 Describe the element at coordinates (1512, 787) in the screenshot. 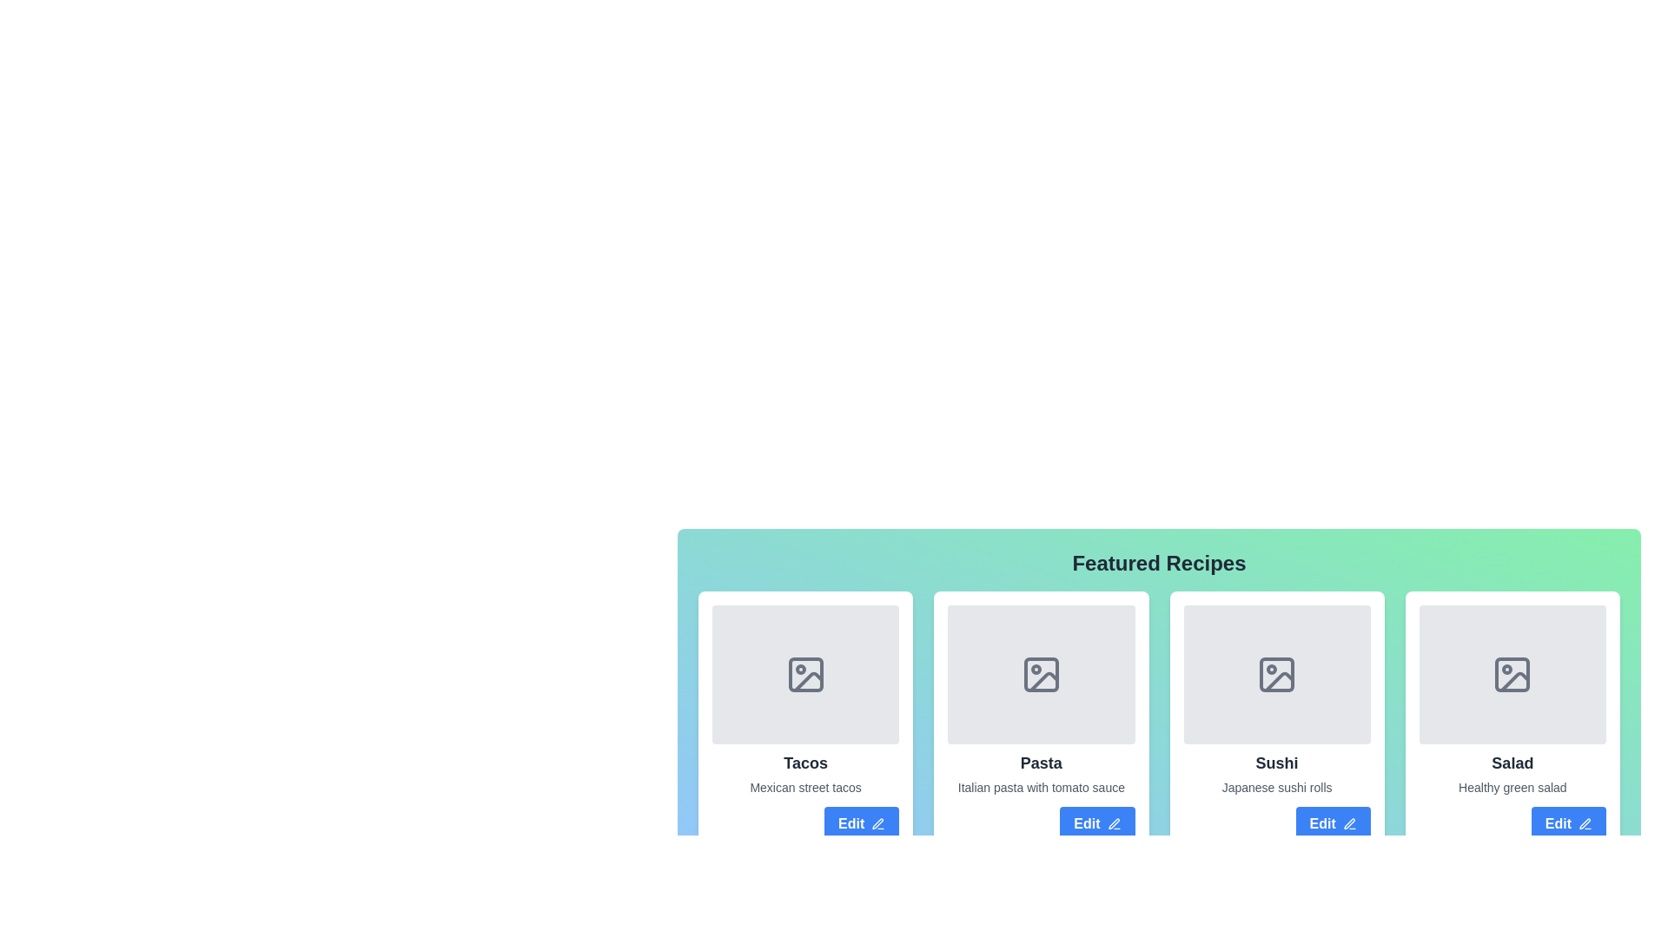

I see `the second text element under the 'Salad' section, which provides a description of the item, positioned below the bold 'Salad' title` at that location.